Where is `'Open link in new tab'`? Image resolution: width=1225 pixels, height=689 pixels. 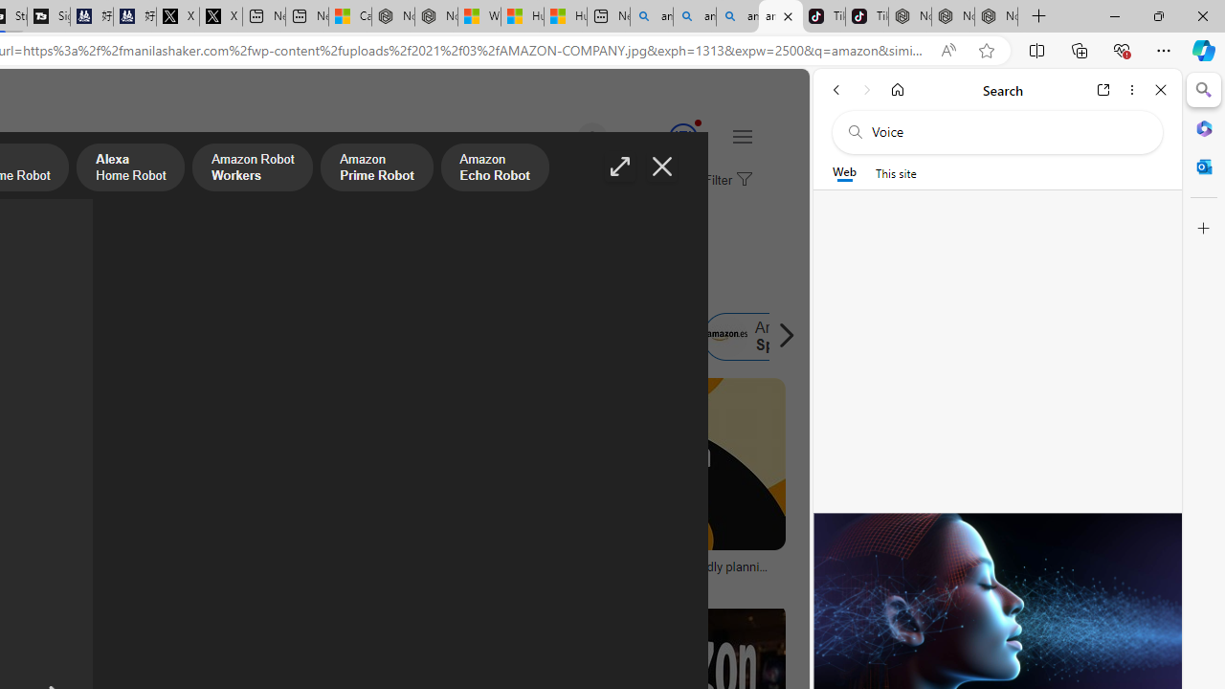 'Open link in new tab' is located at coordinates (1103, 89).